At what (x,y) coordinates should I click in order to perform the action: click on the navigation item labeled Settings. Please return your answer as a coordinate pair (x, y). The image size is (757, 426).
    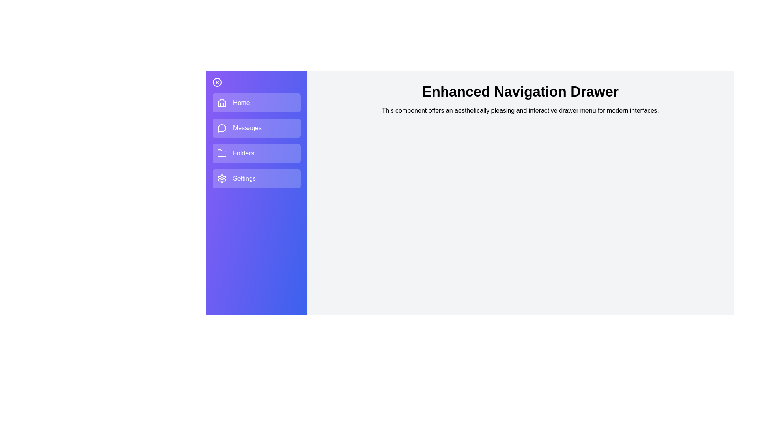
    Looking at the image, I should click on (257, 178).